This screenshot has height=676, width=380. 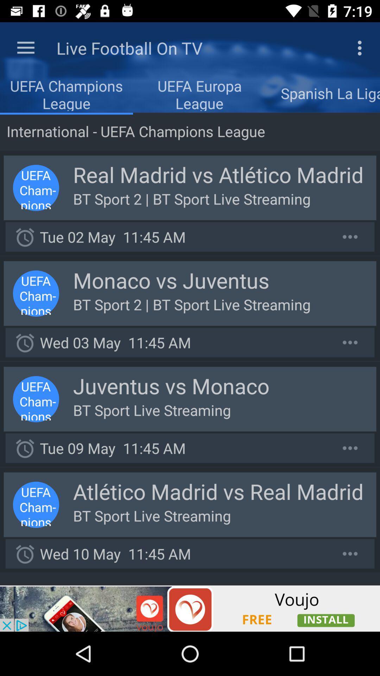 I want to click on option, so click(x=350, y=237).